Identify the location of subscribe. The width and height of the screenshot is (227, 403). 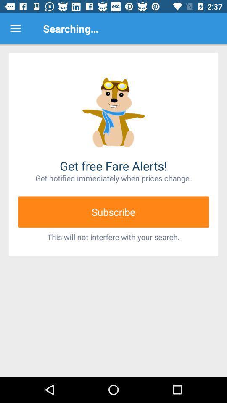
(113, 212).